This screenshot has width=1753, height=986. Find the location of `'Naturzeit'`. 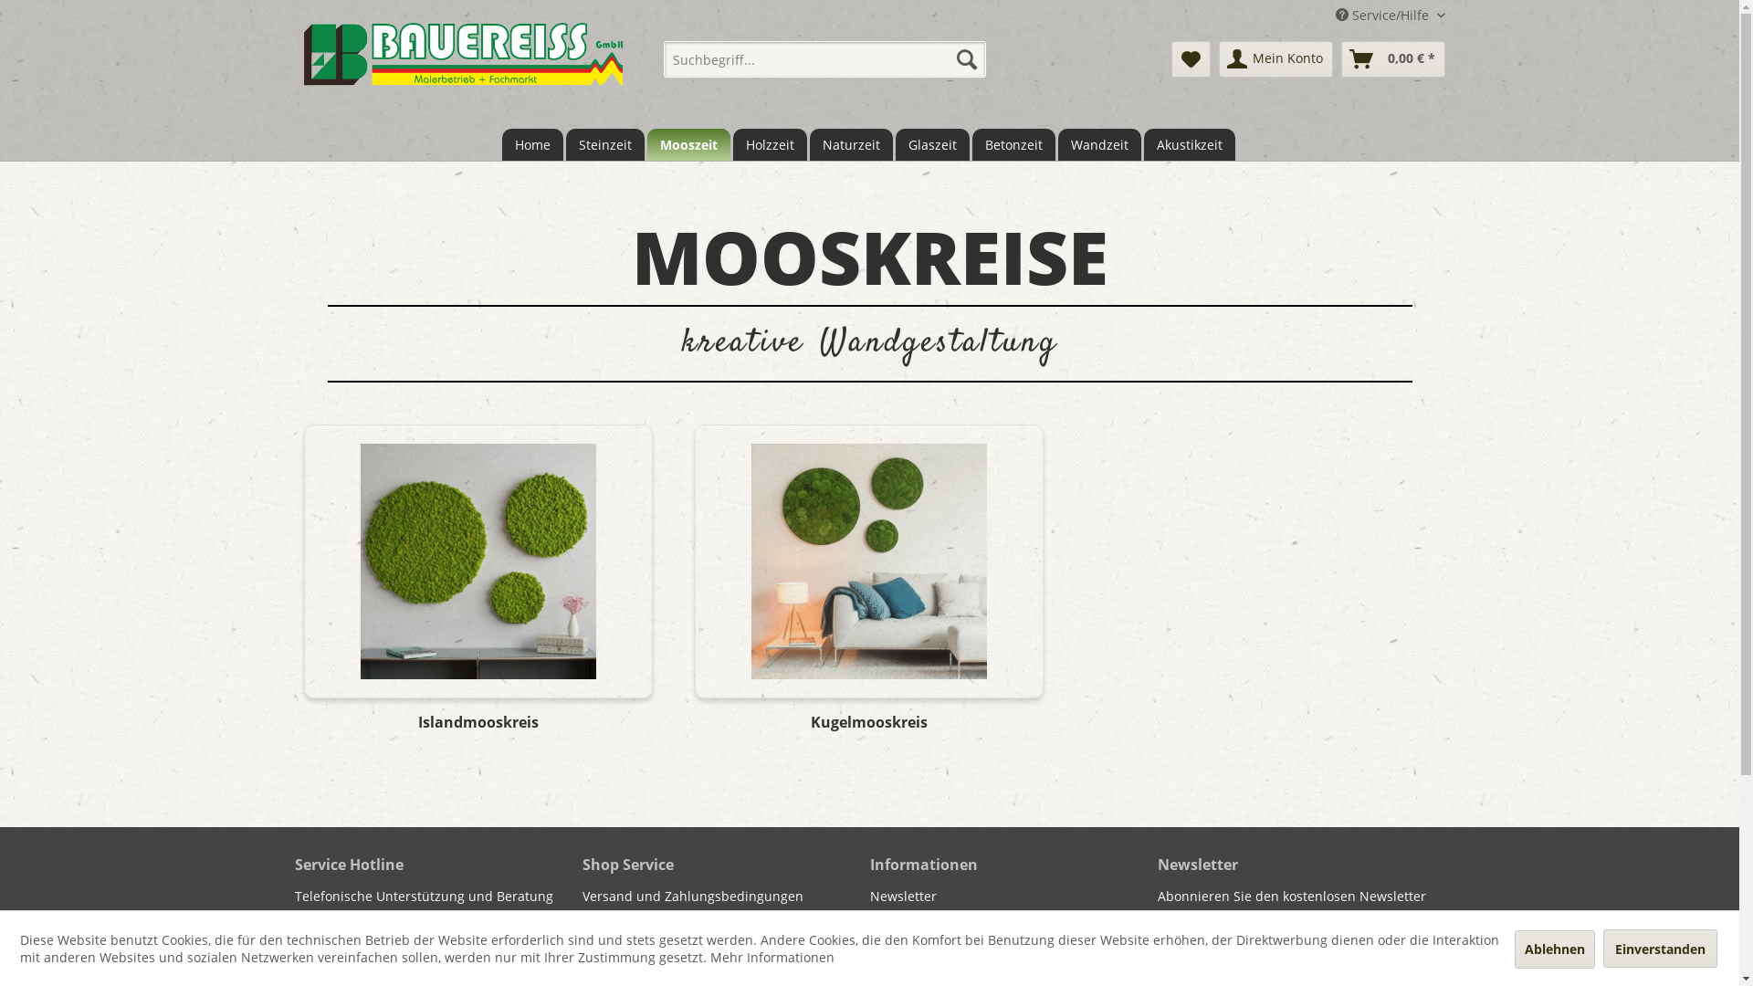

'Naturzeit' is located at coordinates (849, 143).